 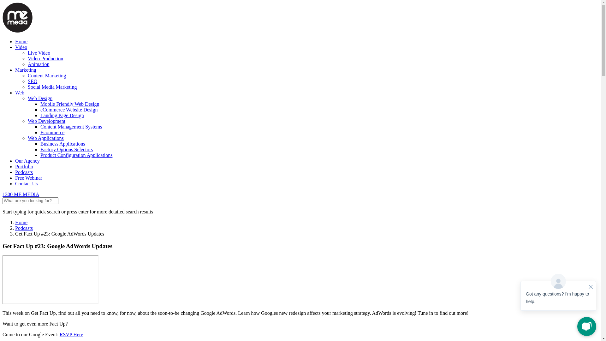 I want to click on 'RSVP Here', so click(x=71, y=334).